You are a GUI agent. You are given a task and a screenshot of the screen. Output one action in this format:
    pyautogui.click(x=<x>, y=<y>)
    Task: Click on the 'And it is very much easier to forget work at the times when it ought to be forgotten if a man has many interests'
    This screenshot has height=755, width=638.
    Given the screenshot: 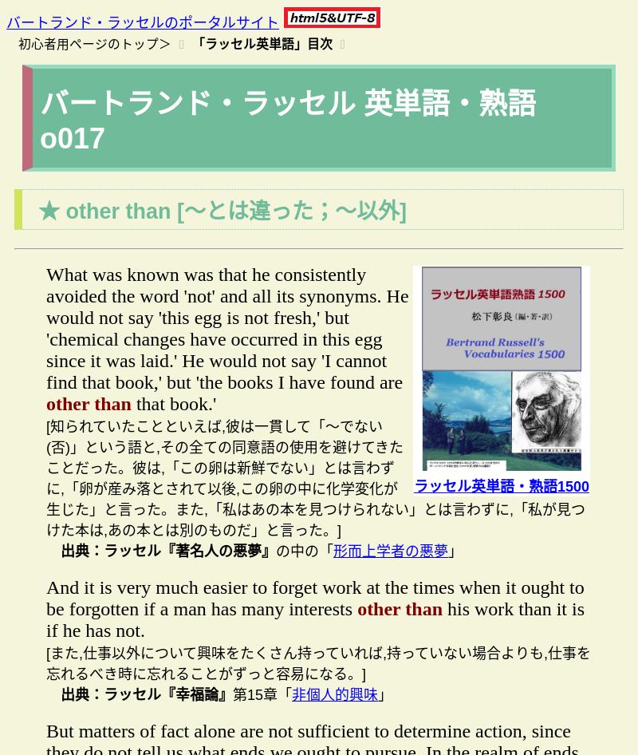 What is the action you would take?
    pyautogui.click(x=314, y=596)
    